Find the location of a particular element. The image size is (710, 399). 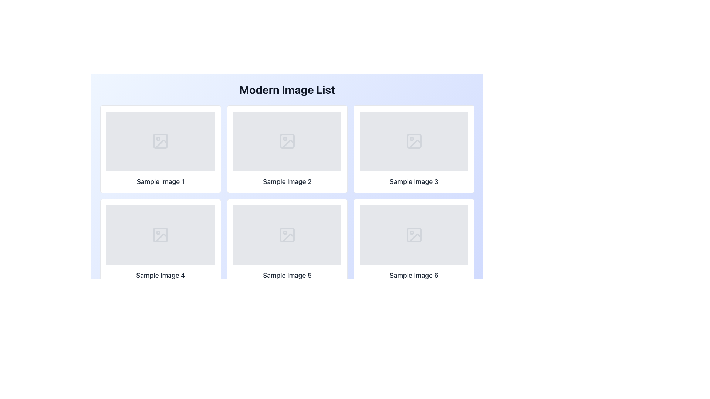

the small rectangle with rounded corners located in the fourth placeholder of the image grid, which appears with light gray coloring is located at coordinates (160, 235).